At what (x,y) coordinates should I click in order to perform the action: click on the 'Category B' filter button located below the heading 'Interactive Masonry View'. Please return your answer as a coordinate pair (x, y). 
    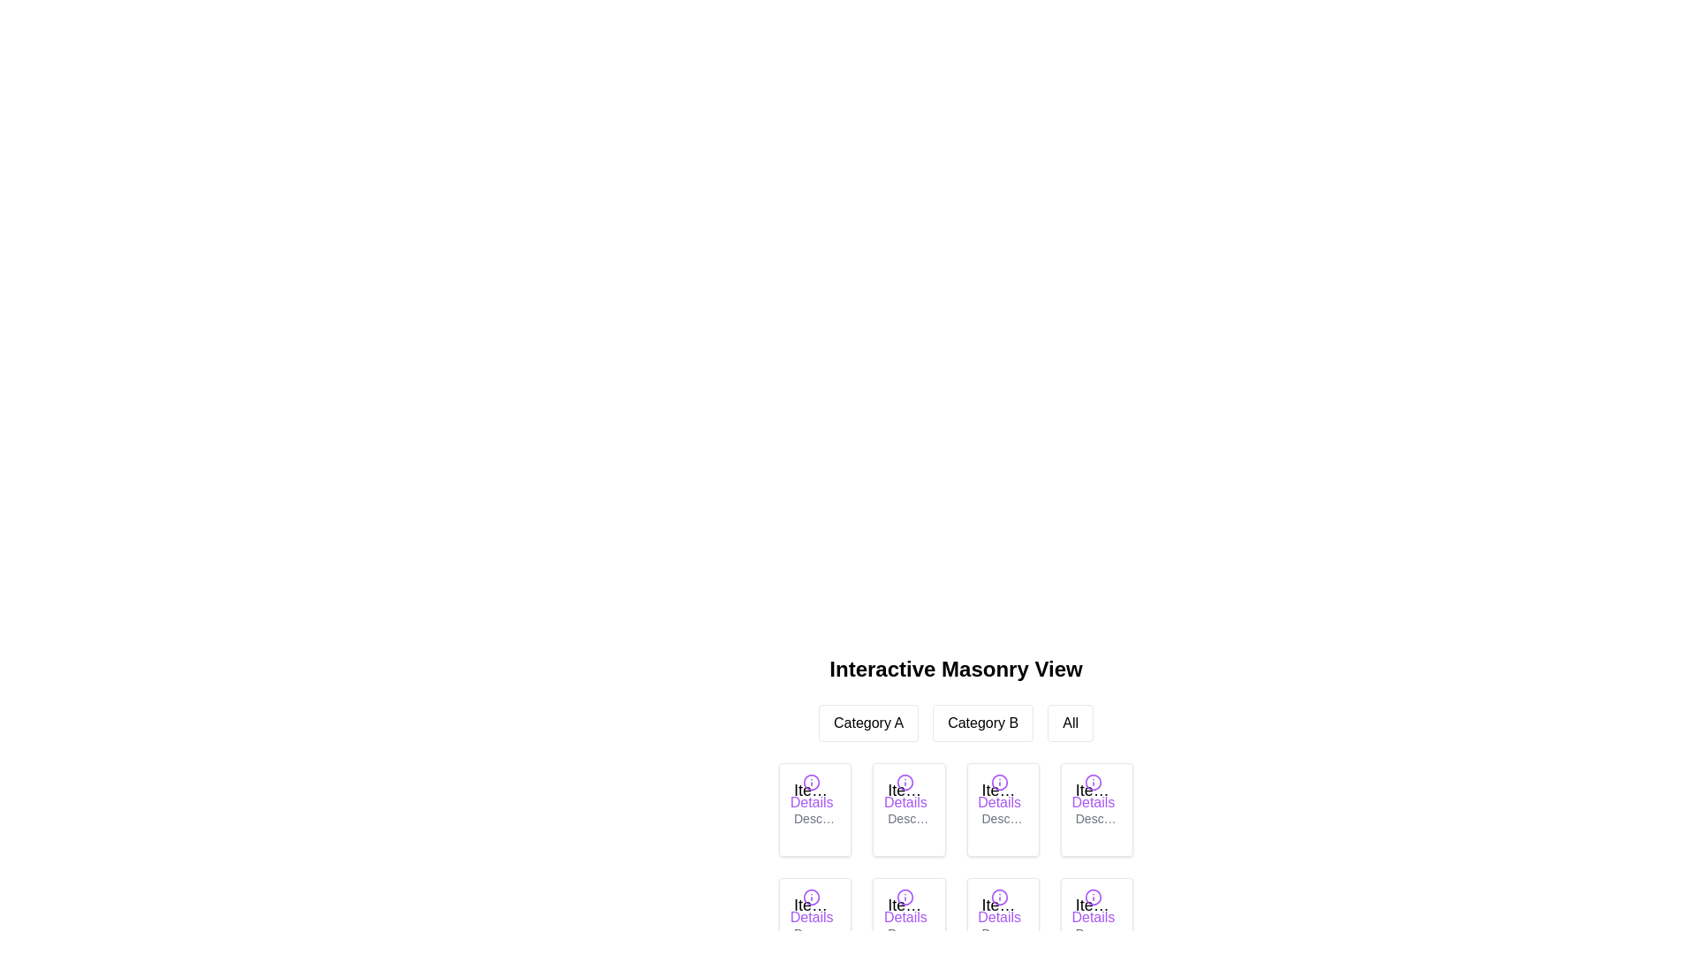
    Looking at the image, I should click on (982, 723).